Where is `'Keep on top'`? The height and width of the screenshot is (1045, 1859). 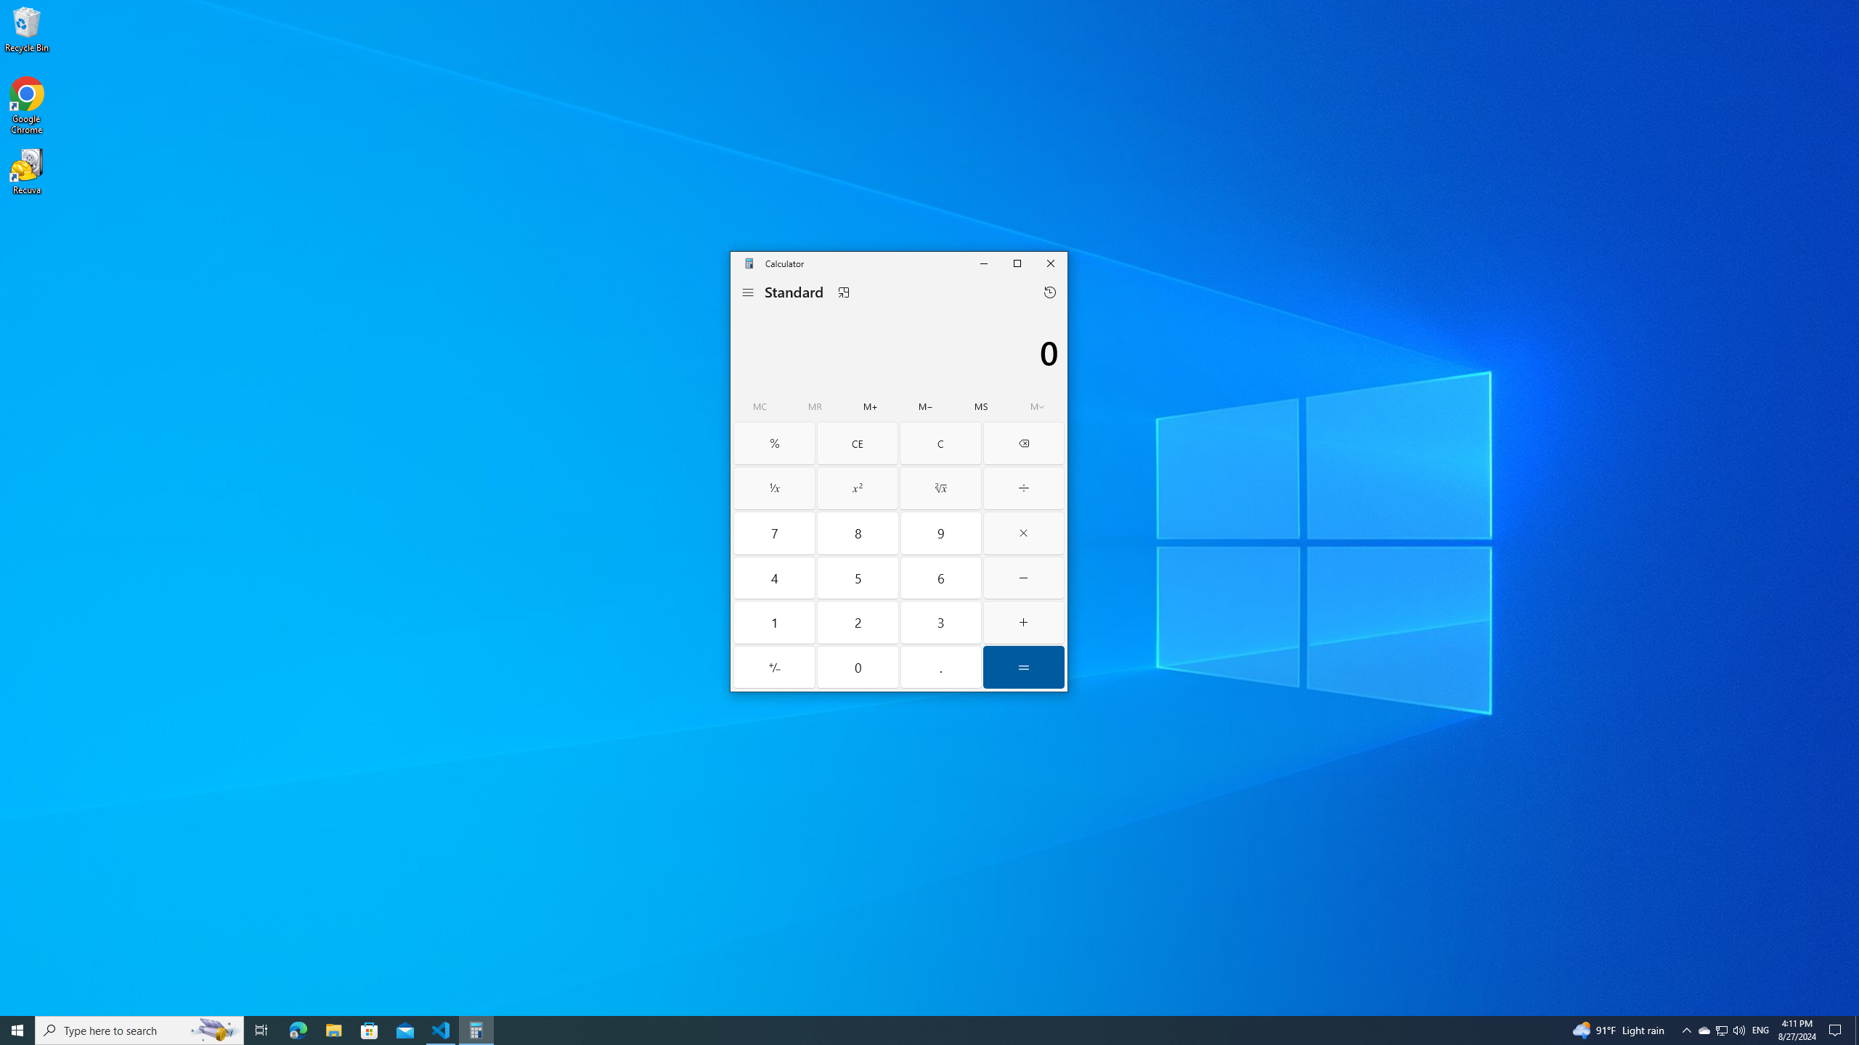
'Keep on top' is located at coordinates (843, 292).